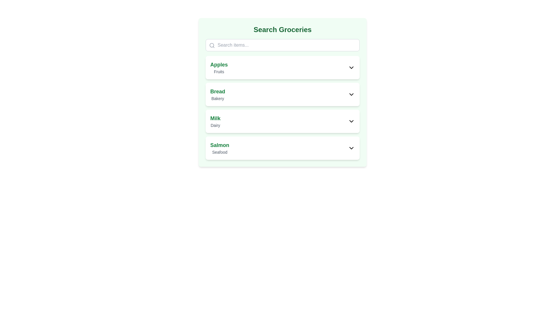 This screenshot has height=315, width=560. What do you see at coordinates (351, 121) in the screenshot?
I see `the chevron-down icon located to the far right of the 'Milk' and 'Dairy' row` at bounding box center [351, 121].